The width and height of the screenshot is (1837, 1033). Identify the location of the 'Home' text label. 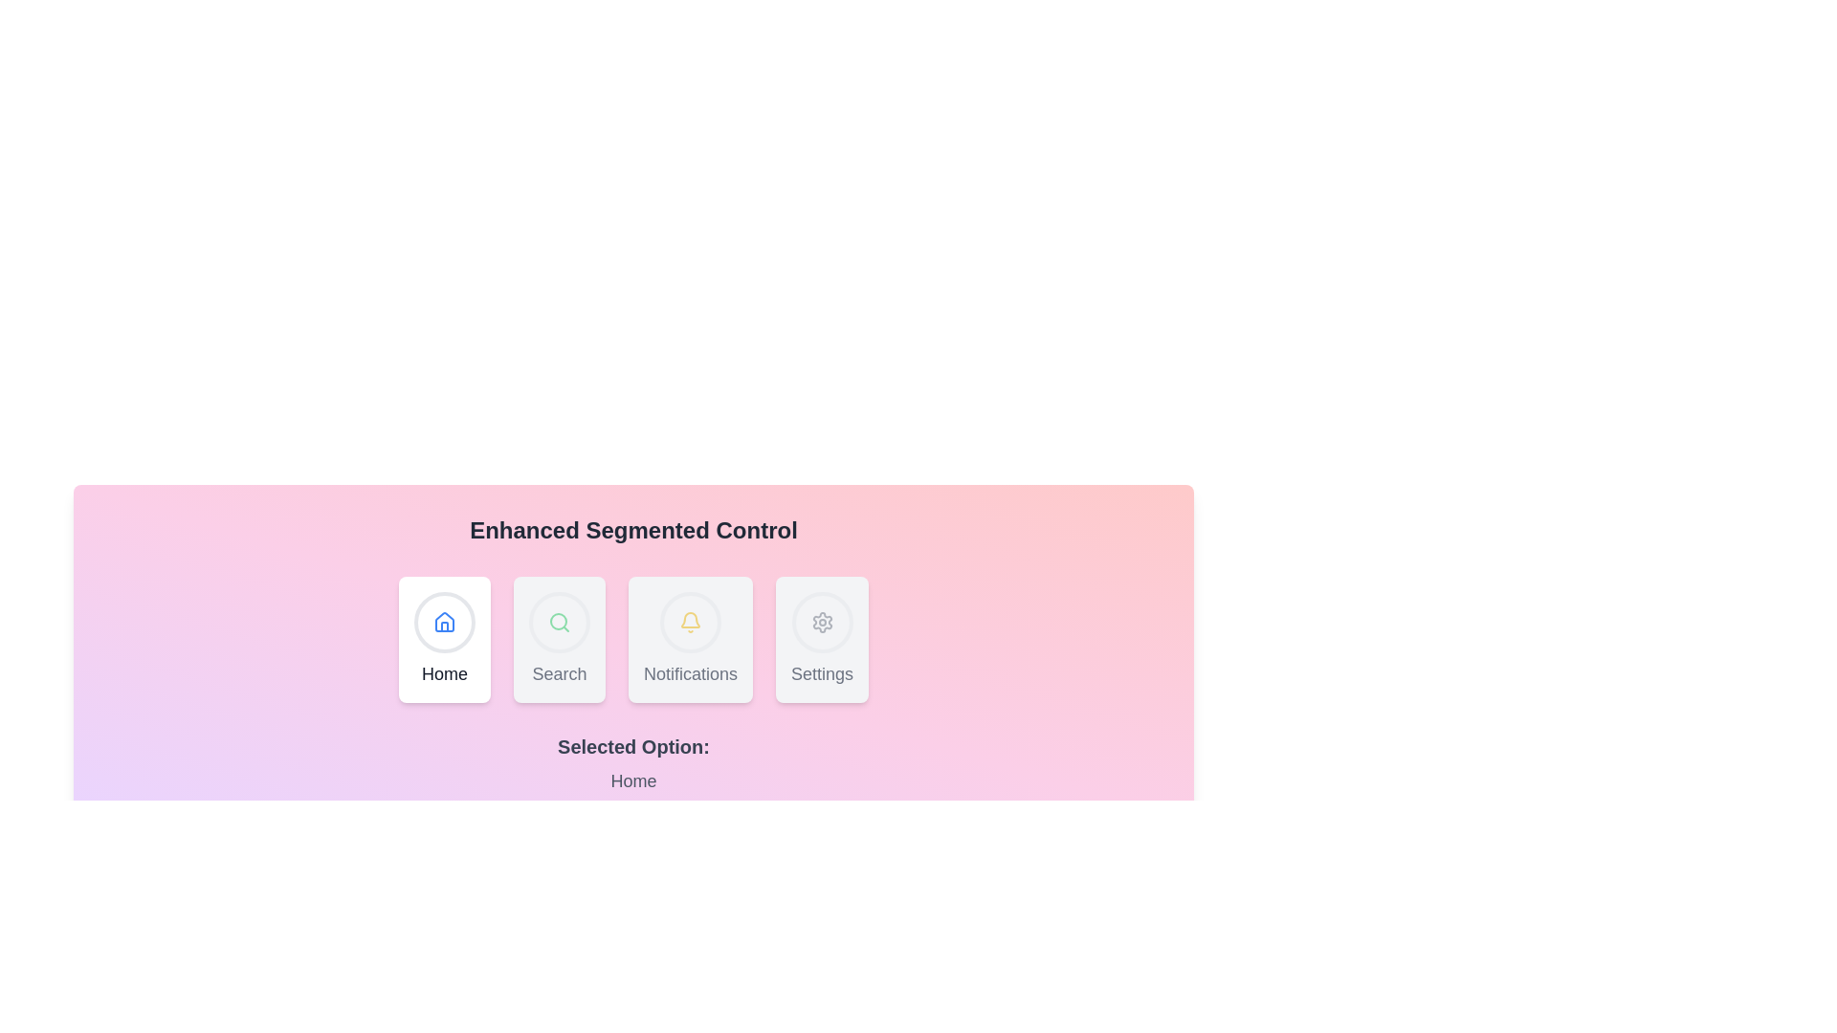
(444, 673).